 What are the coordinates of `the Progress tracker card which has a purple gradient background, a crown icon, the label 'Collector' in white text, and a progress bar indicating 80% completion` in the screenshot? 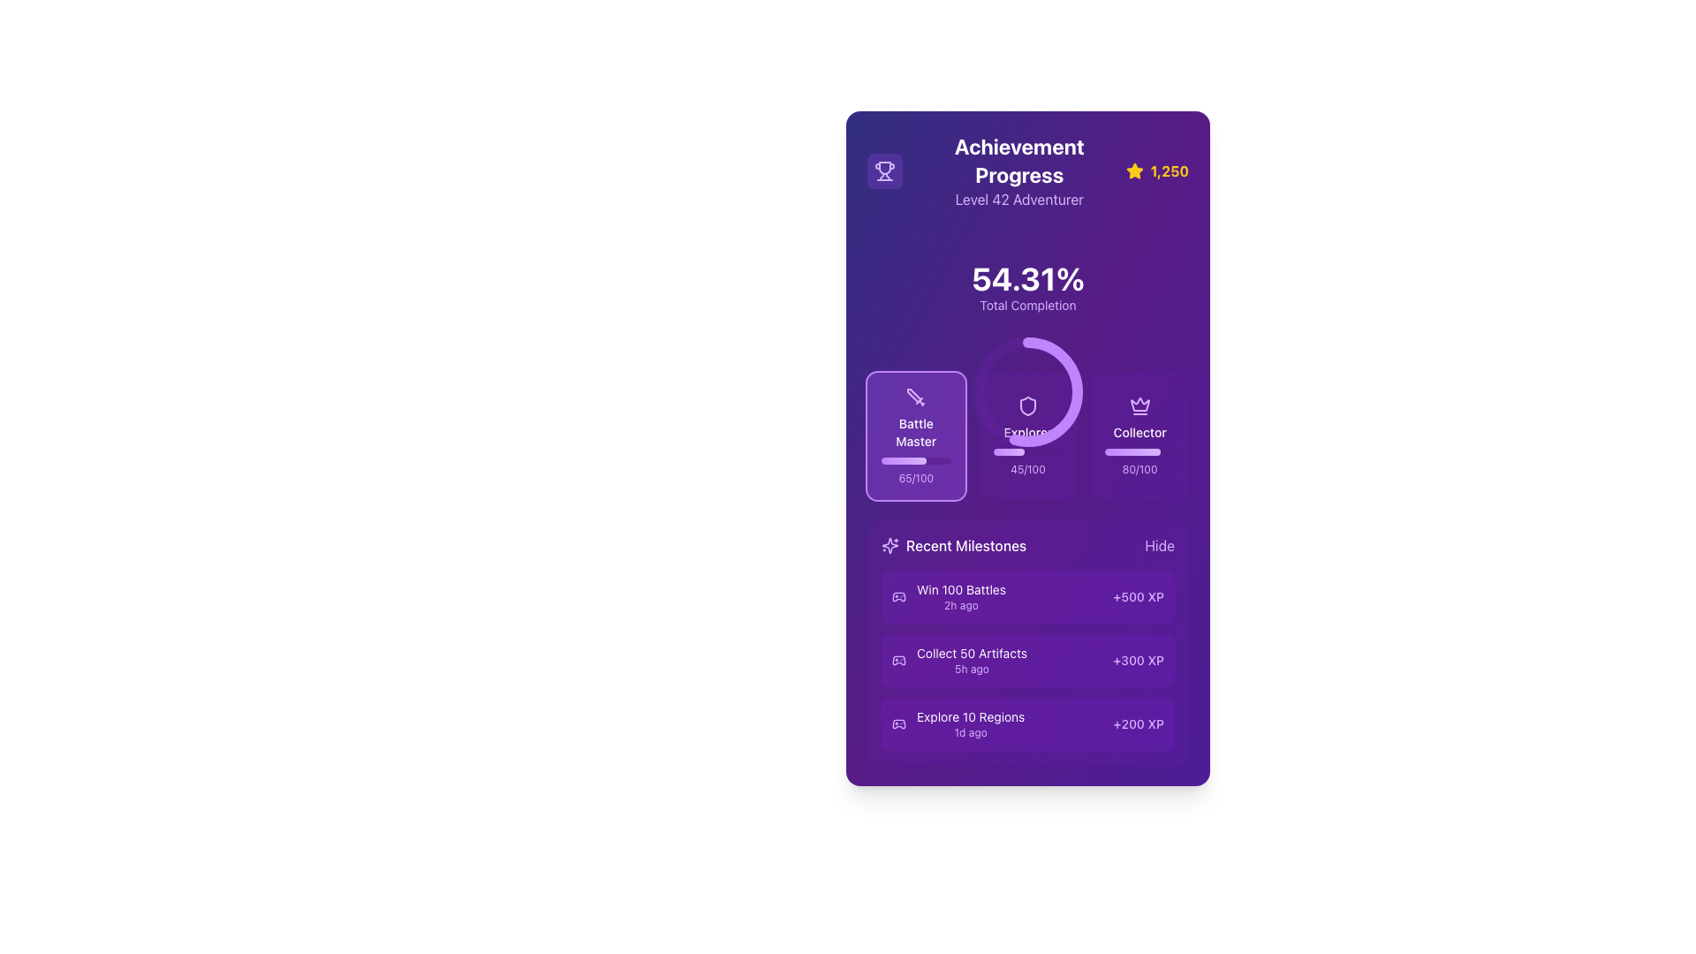 It's located at (1139, 435).